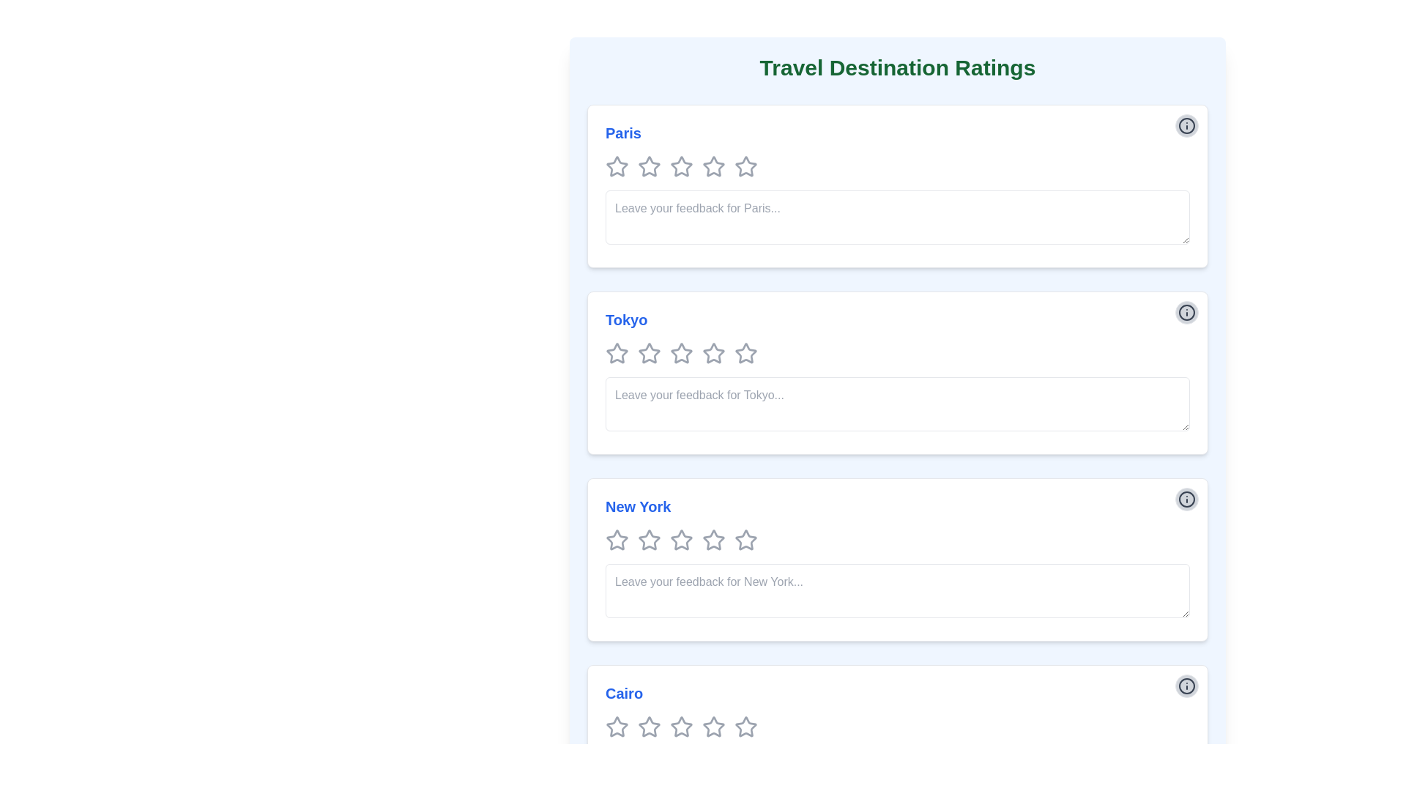  What do you see at coordinates (624, 693) in the screenshot?
I see `text label that serves as the title for the 'Cairo' destination section, located at the bottom of the vertical list of destinations` at bounding box center [624, 693].